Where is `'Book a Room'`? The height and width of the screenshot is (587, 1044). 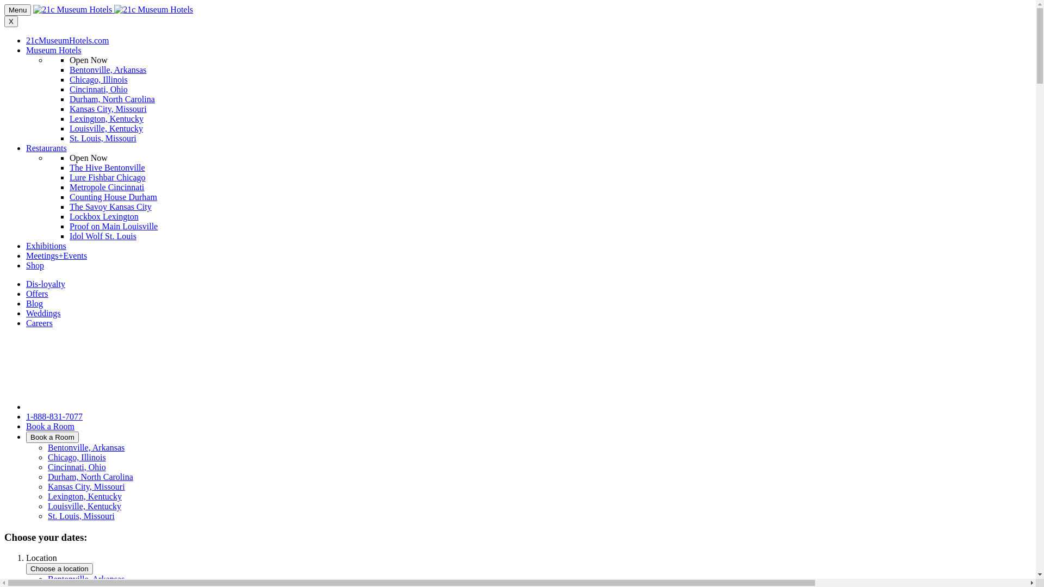
'Book a Room' is located at coordinates (52, 436).